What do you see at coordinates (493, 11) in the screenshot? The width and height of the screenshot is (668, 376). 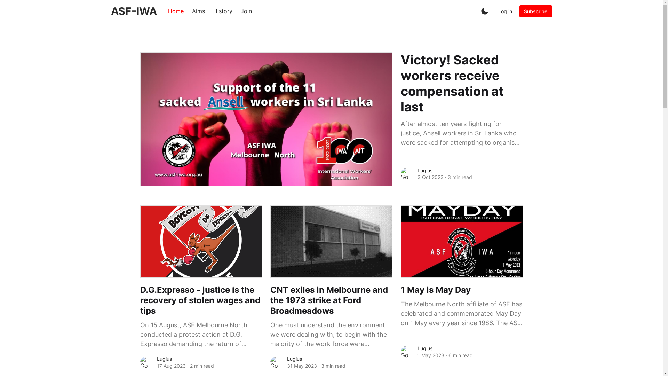 I see `'Log in'` at bounding box center [493, 11].